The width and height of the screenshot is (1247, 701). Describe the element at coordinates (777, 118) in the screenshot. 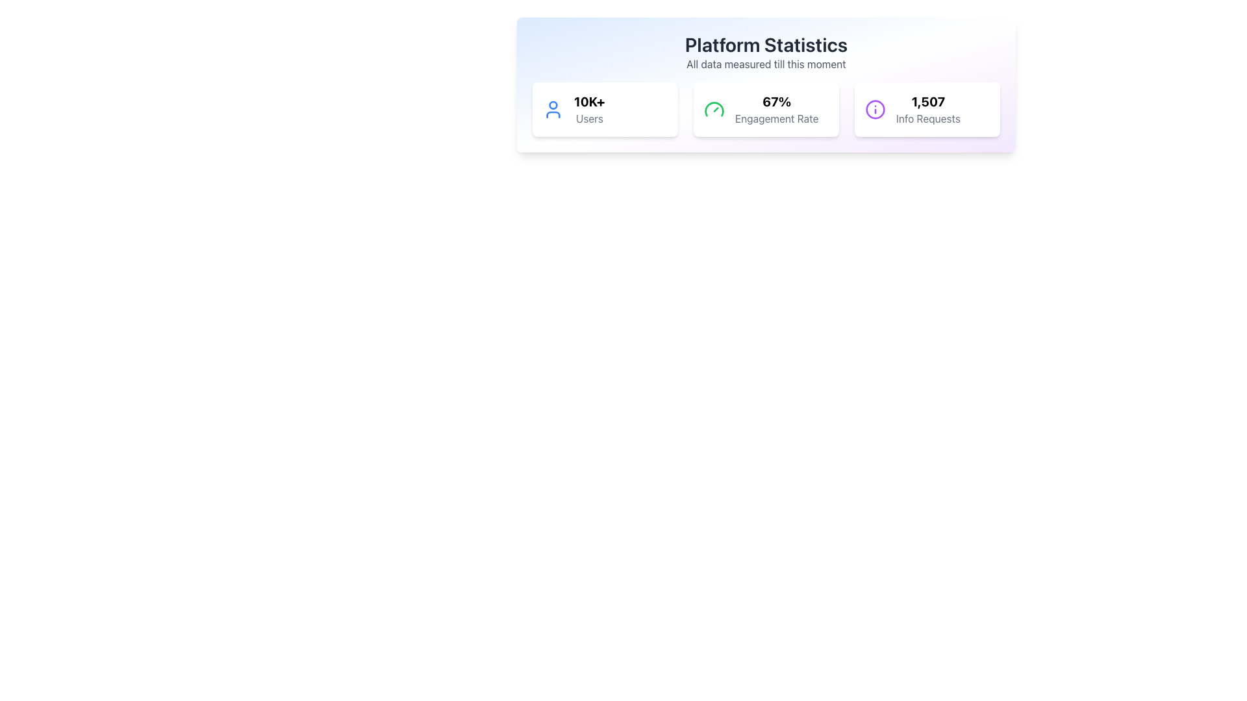

I see `the 'Engagement Rate' label, which is styled in gray and located below the bold green percentage '67%' in a card layout` at that location.